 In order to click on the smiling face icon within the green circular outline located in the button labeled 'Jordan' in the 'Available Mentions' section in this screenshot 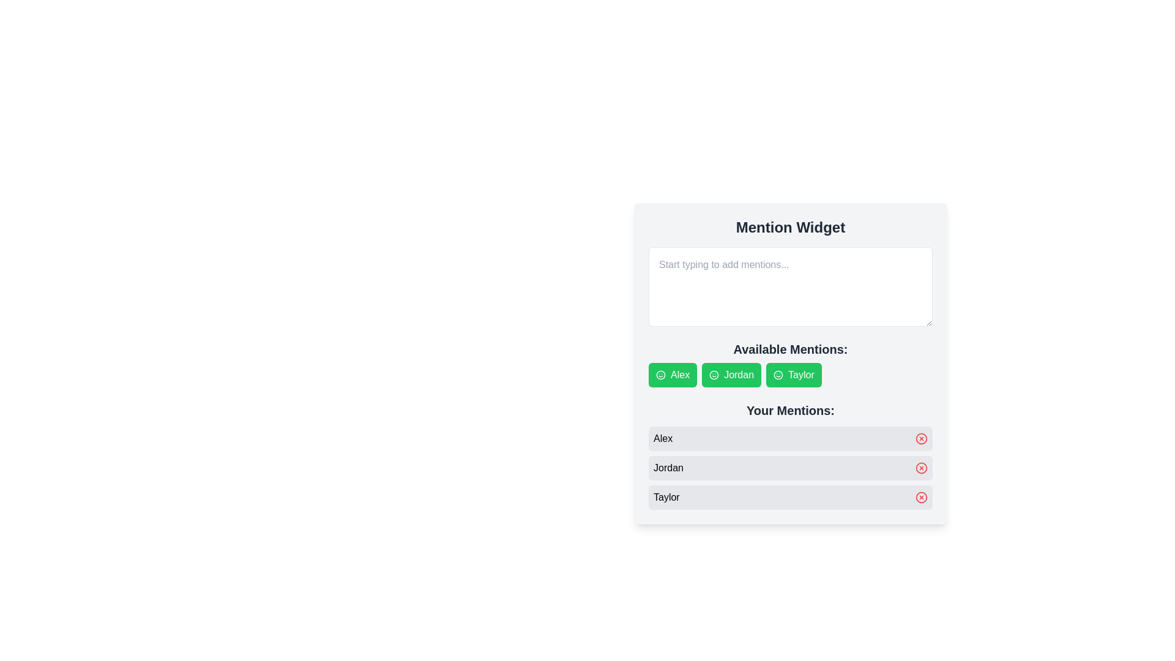, I will do `click(714, 375)`.